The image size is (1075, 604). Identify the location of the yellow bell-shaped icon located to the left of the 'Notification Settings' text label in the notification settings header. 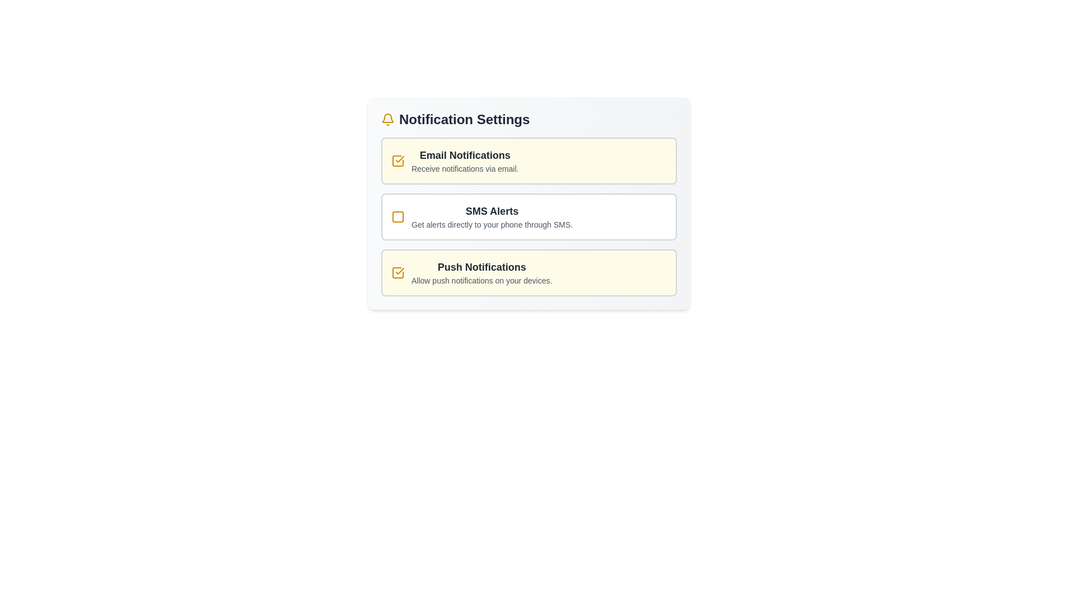
(387, 119).